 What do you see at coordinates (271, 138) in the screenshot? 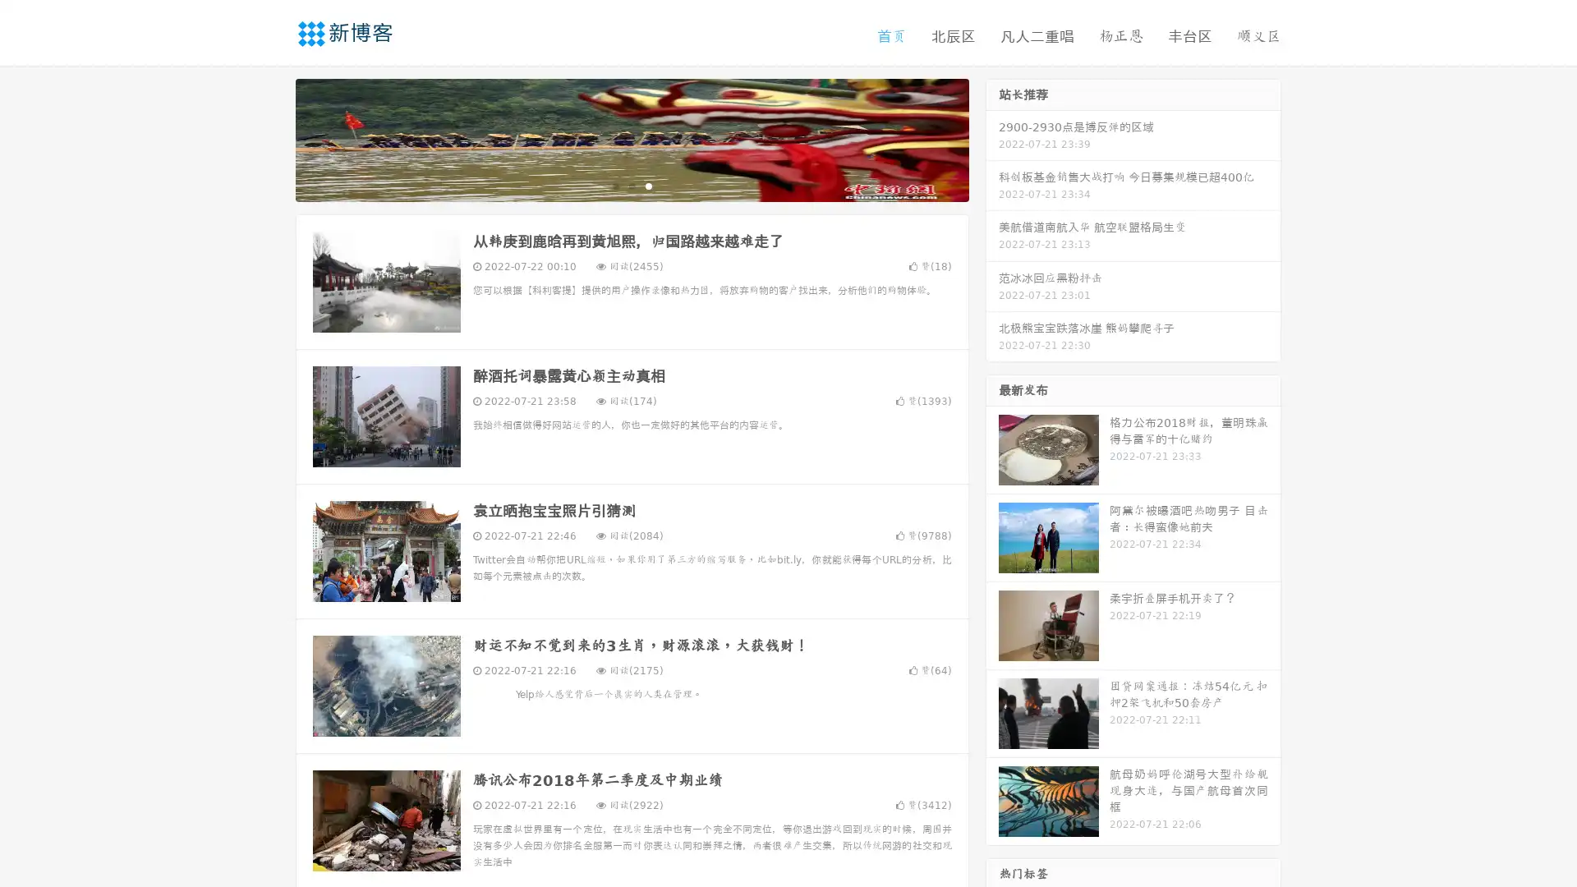
I see `Previous slide` at bounding box center [271, 138].